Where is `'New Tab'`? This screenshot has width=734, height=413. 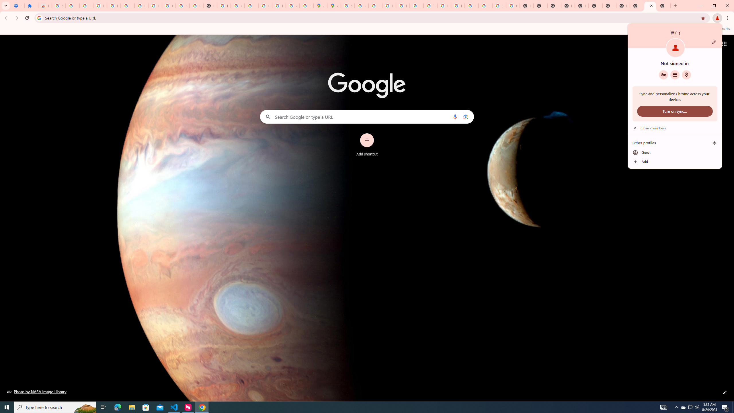
'New Tab' is located at coordinates (663, 5).